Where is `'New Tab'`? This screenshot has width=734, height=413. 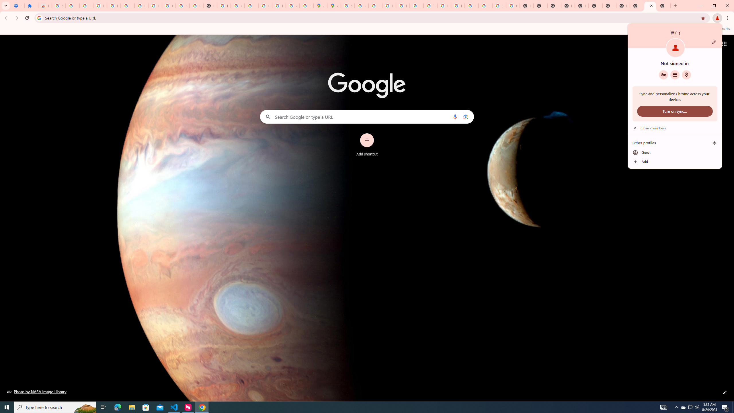
'New Tab' is located at coordinates (663, 5).